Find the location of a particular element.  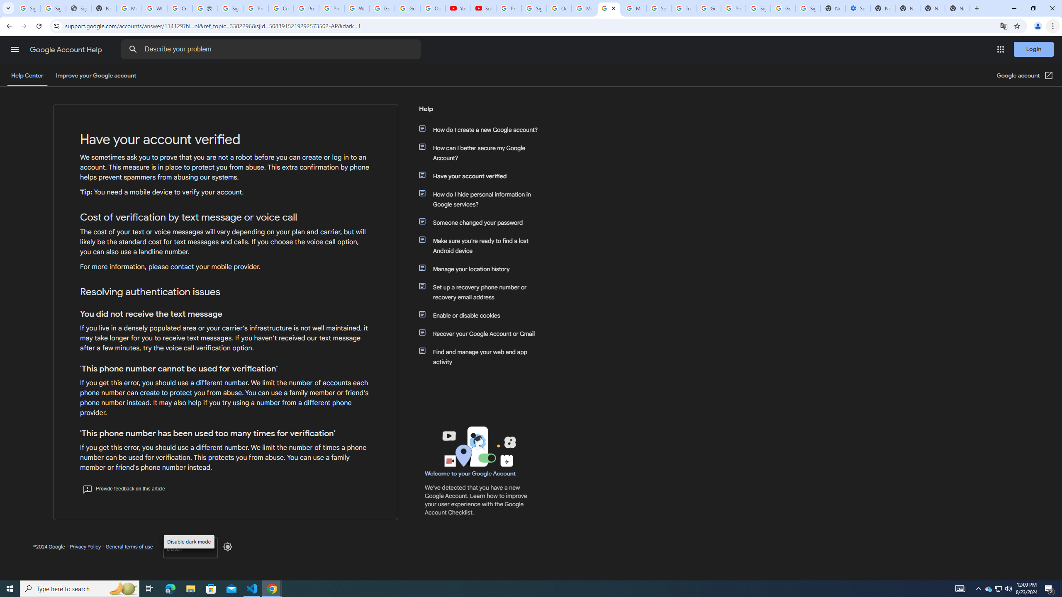

'Subscriptions - YouTube' is located at coordinates (483, 8).